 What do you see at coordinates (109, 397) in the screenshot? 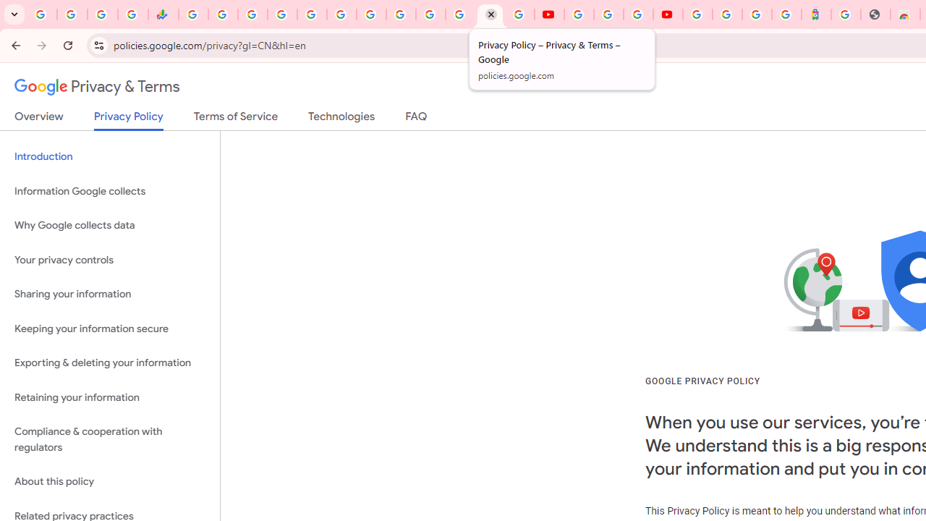
I see `'Retaining your information'` at bounding box center [109, 397].